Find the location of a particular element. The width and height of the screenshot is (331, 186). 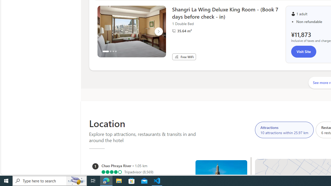

'Attractions 10 attractions within 25.97 km' is located at coordinates (284, 129).